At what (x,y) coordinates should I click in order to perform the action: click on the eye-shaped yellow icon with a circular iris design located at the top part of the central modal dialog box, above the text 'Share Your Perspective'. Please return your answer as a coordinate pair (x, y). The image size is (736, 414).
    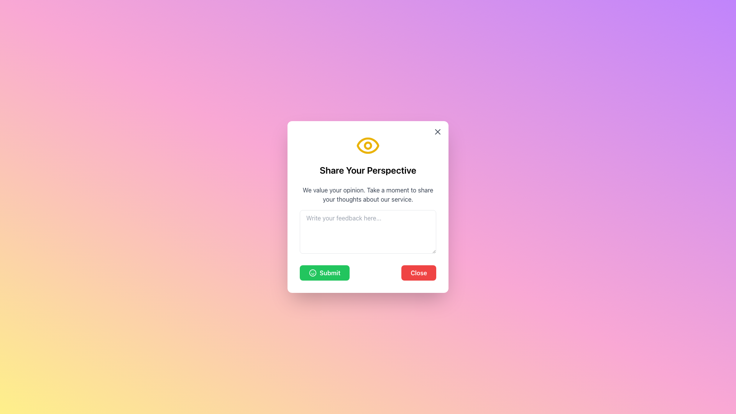
    Looking at the image, I should click on (368, 146).